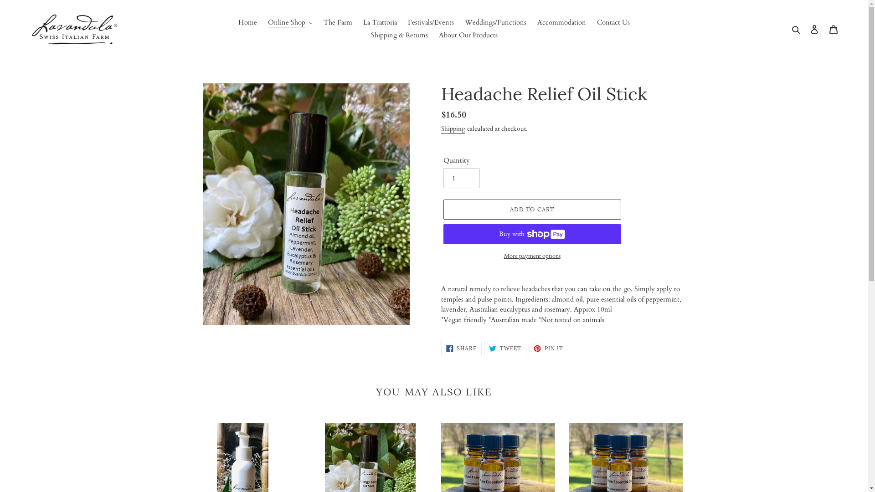 This screenshot has width=875, height=492. Describe the element at coordinates (461, 348) in the screenshot. I see `'SHARE` at that location.